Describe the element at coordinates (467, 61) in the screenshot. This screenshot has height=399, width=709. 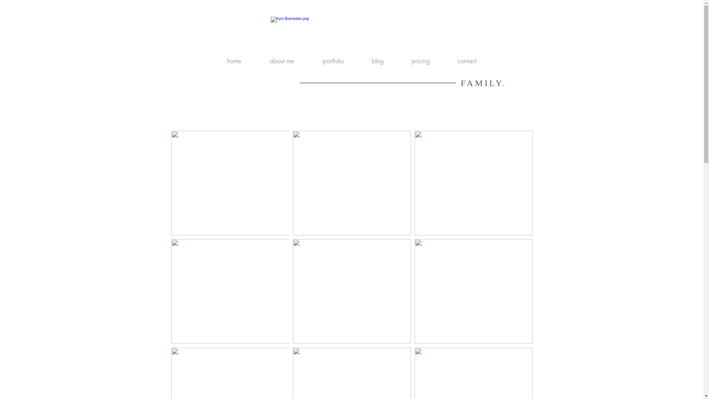
I see `'contact'` at that location.